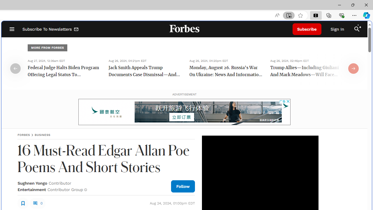 The width and height of the screenshot is (373, 210). Describe the element at coordinates (15, 68) in the screenshot. I see `'Class: fs-icon fs-icon--arrow-left'` at that location.